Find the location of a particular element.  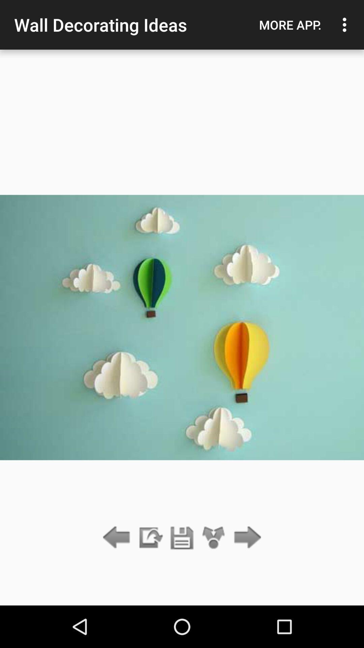

more app. item is located at coordinates (290, 25).